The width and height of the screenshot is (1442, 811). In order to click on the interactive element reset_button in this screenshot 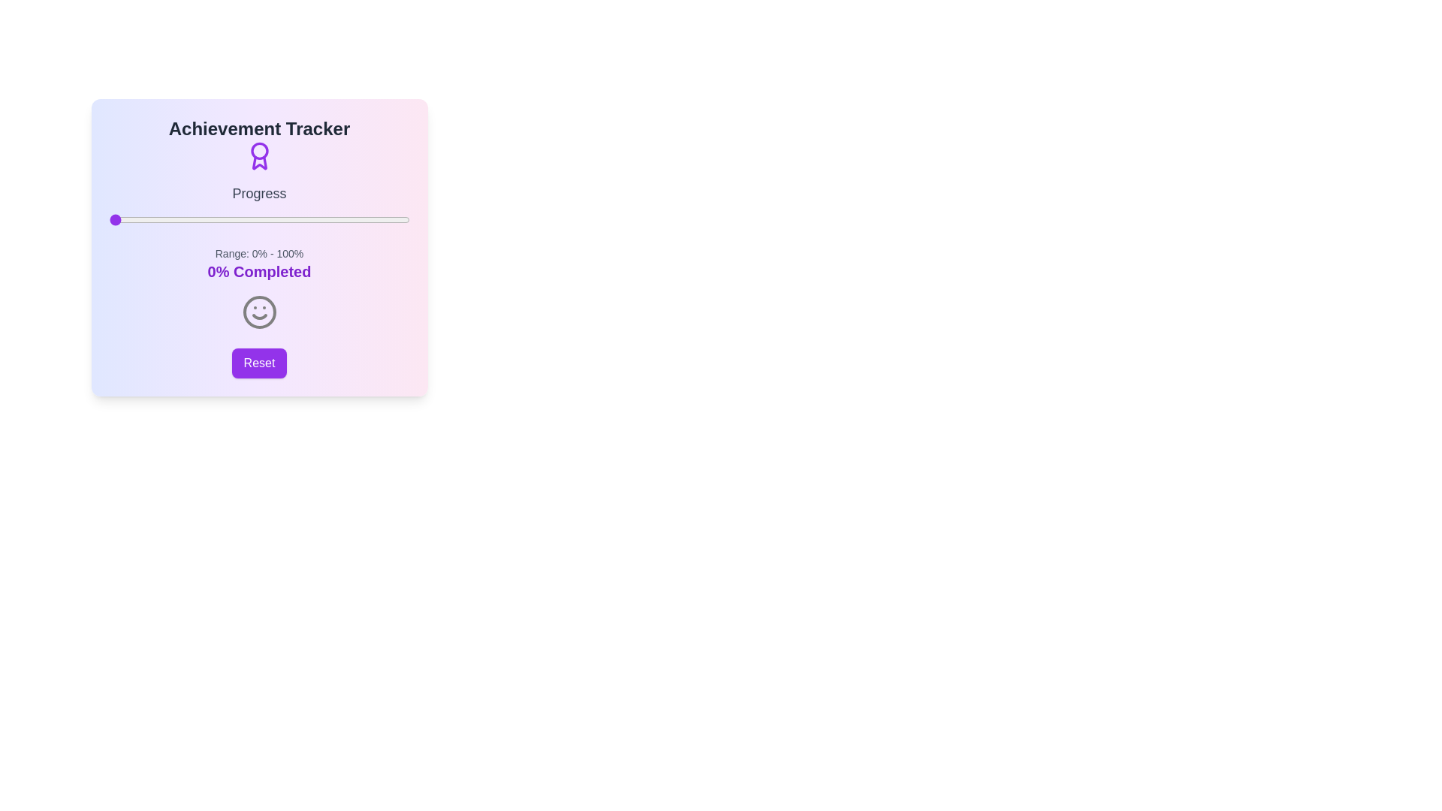, I will do `click(259, 363)`.